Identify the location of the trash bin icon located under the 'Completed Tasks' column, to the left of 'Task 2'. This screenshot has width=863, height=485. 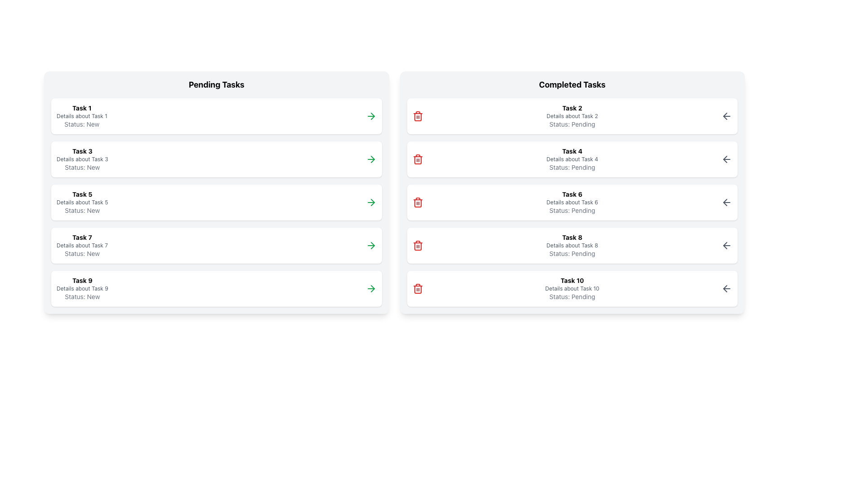
(417, 246).